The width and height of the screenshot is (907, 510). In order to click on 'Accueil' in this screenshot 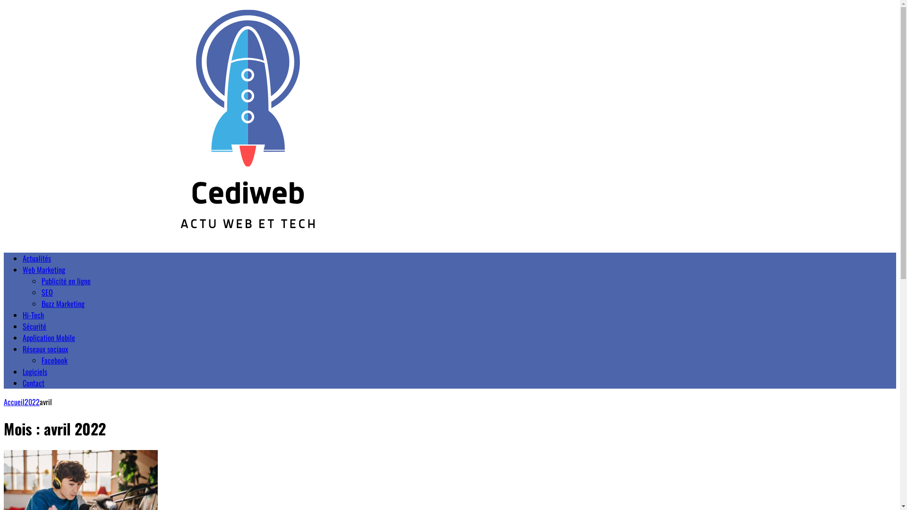, I will do `click(4, 402)`.